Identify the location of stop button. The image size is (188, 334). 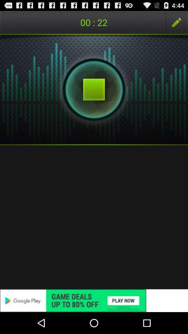
(94, 89).